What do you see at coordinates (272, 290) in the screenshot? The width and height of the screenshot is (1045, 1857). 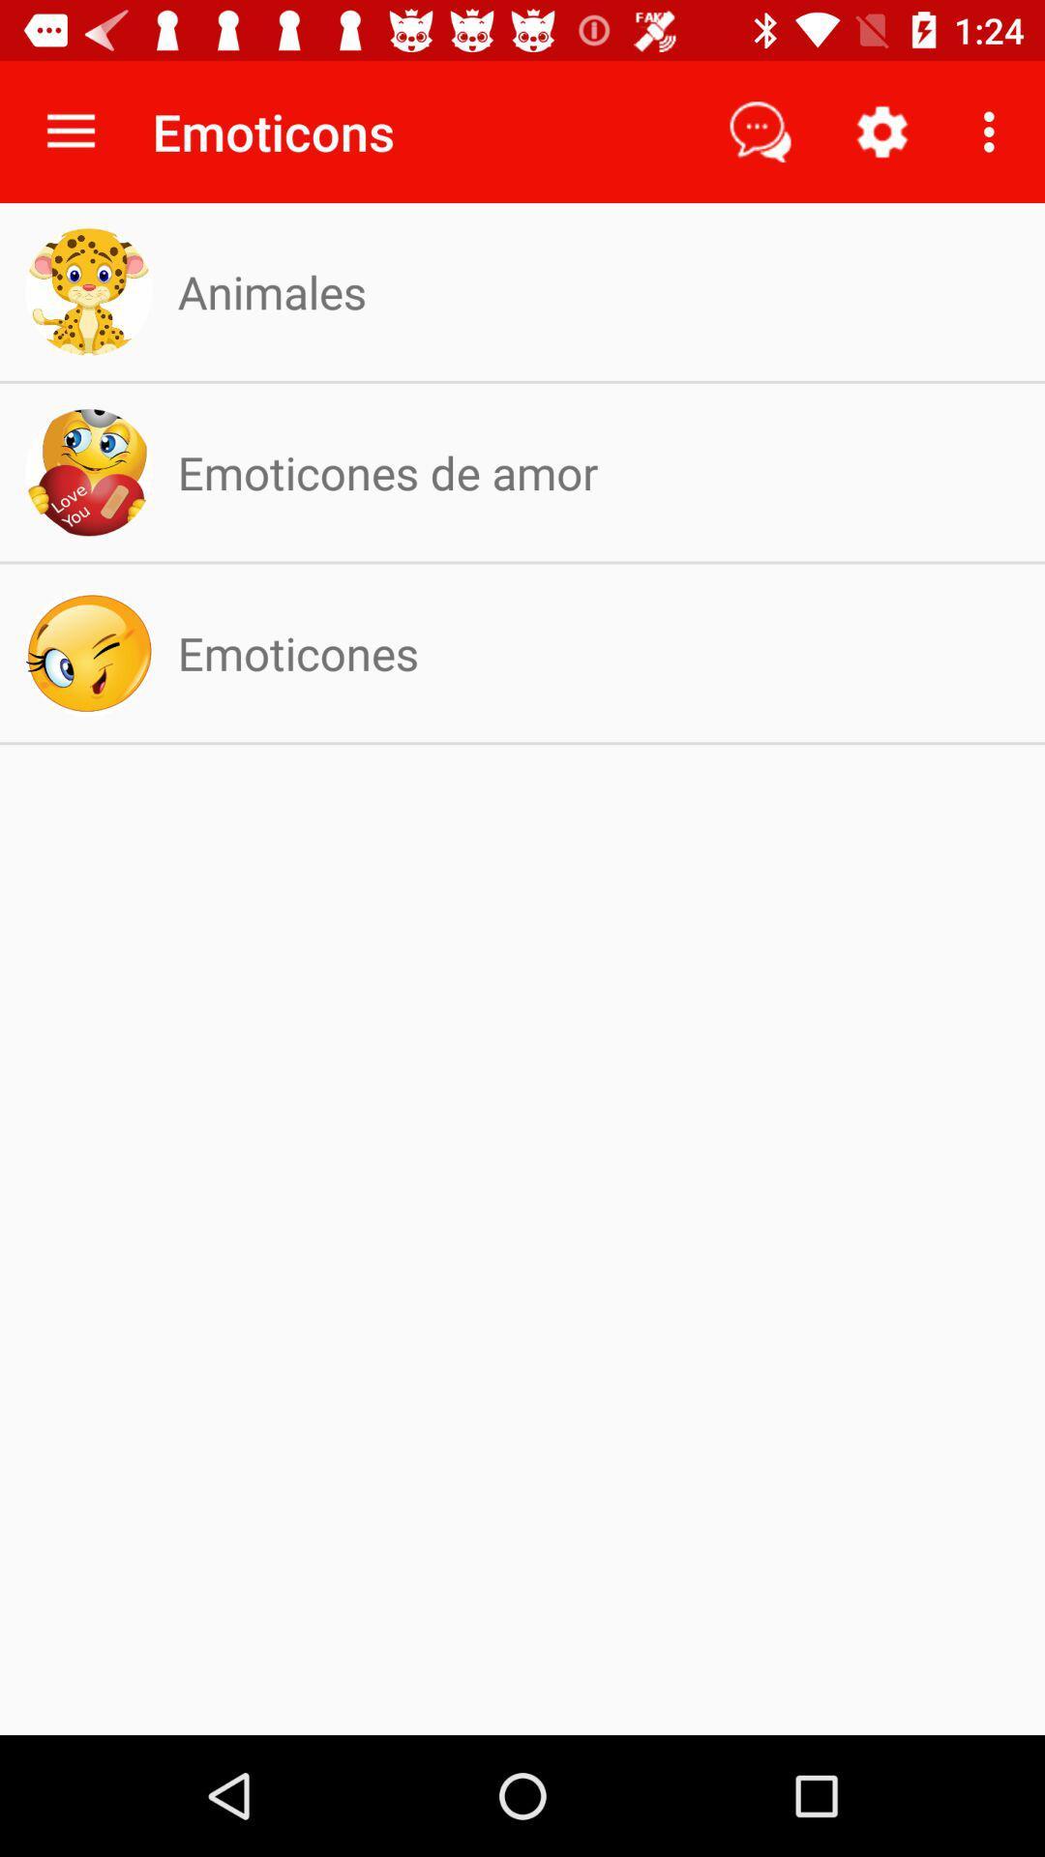 I see `the item above emoticones de amor icon` at bounding box center [272, 290].